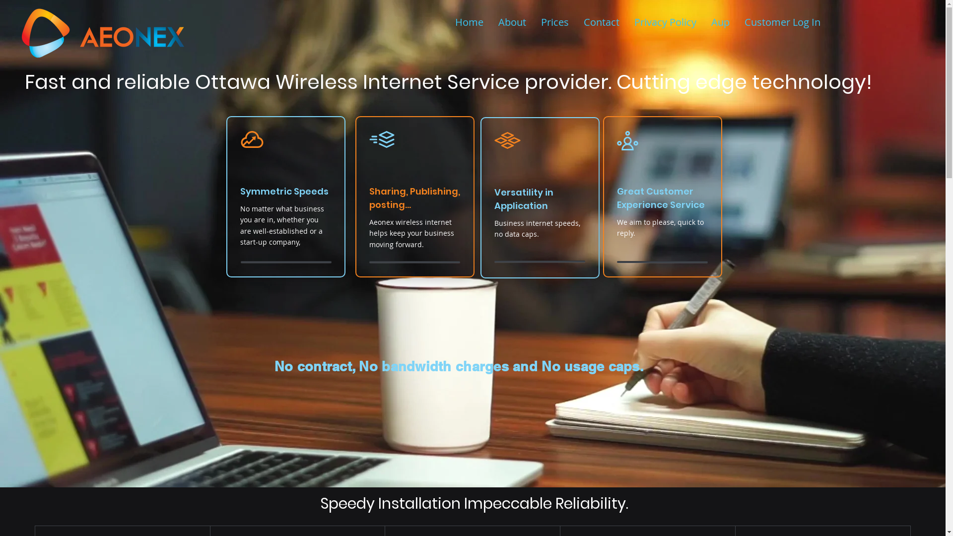  Describe the element at coordinates (665, 22) in the screenshot. I see `'Privacy Policy'` at that location.